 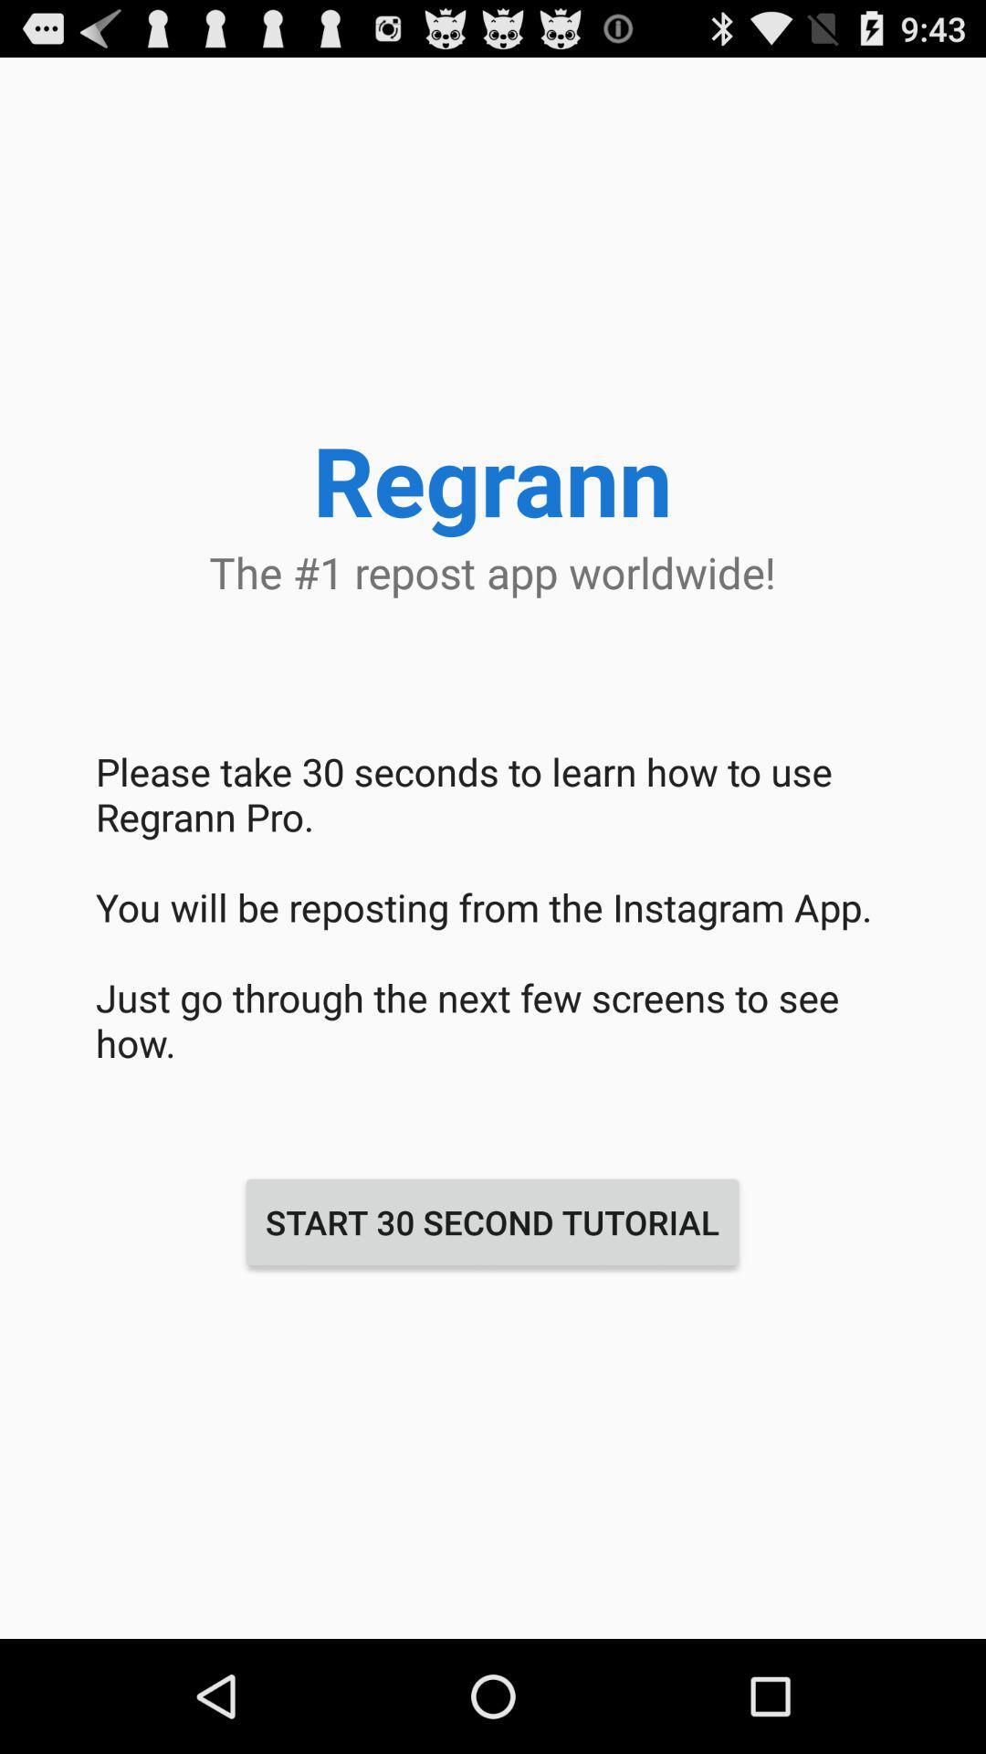 What do you see at coordinates (491, 1222) in the screenshot?
I see `the start 30 second` at bounding box center [491, 1222].